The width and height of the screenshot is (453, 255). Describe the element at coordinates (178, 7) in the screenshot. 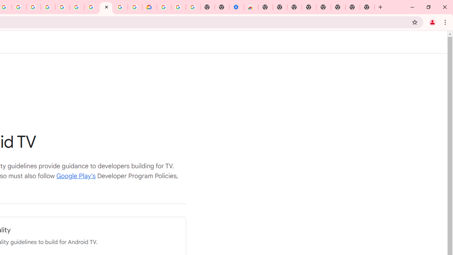

I see `'Google Account Help'` at that location.